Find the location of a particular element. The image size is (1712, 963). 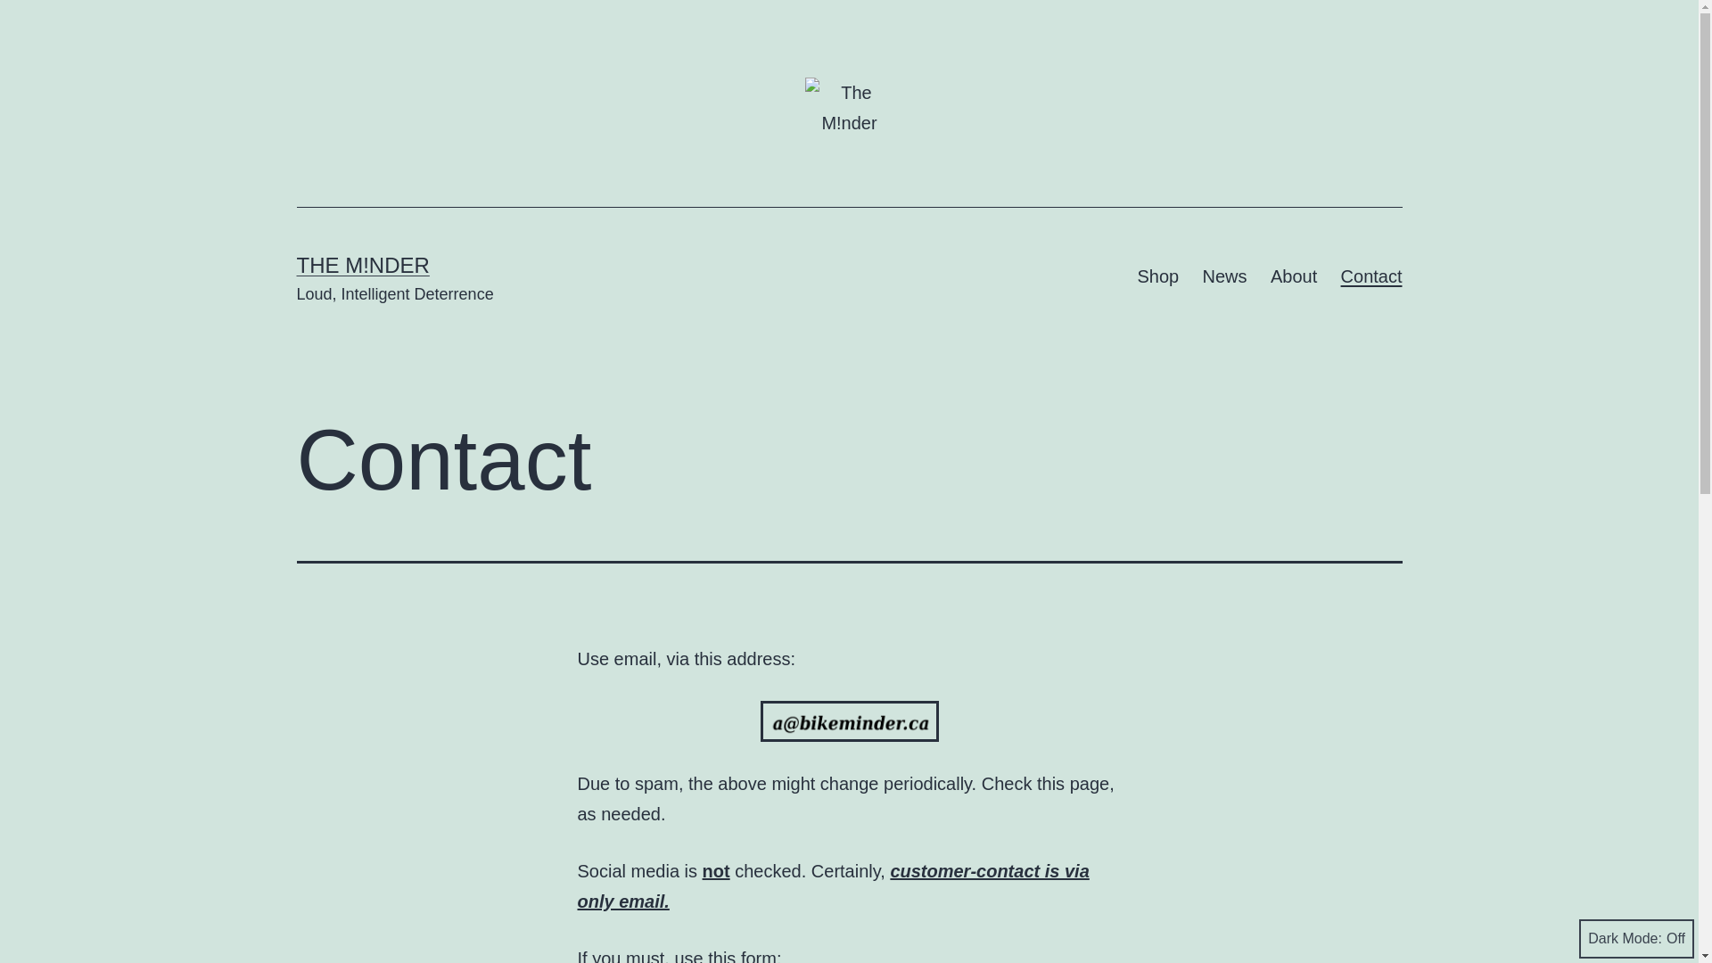

'Contact' is located at coordinates (1328, 276).